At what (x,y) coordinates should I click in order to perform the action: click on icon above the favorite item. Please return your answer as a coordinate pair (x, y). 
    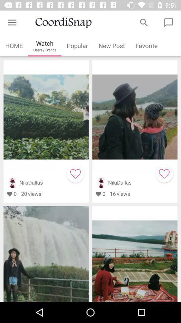
    Looking at the image, I should click on (143, 23).